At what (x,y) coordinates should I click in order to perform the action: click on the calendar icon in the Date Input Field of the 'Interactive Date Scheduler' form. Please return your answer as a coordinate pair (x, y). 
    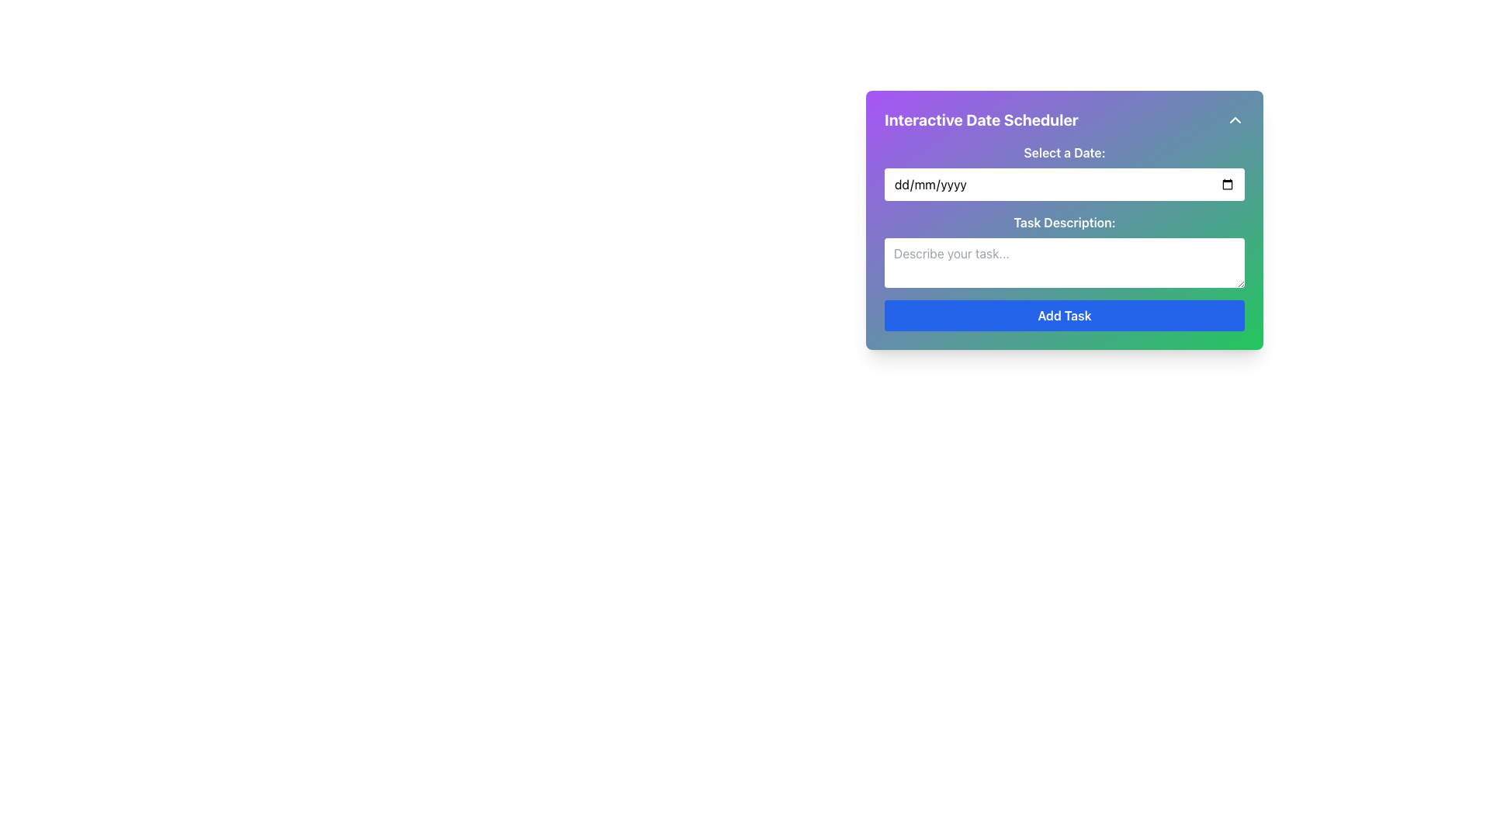
    Looking at the image, I should click on (1064, 172).